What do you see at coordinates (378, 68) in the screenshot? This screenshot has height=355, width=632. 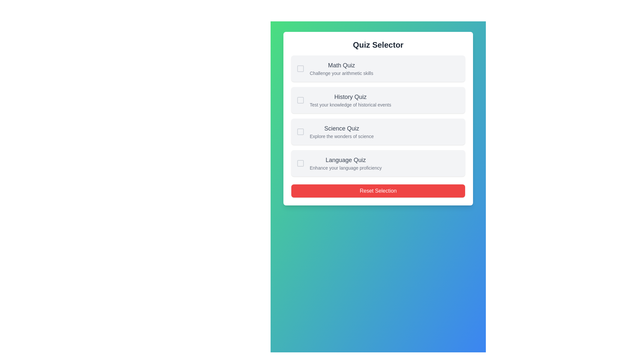 I see `the quiz card for Math Quiz` at bounding box center [378, 68].